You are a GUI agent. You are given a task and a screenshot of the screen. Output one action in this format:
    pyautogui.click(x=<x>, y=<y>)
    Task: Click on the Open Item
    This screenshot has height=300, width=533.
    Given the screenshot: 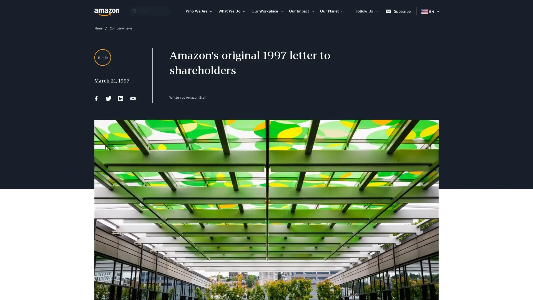 What is the action you would take?
    pyautogui.click(x=282, y=11)
    